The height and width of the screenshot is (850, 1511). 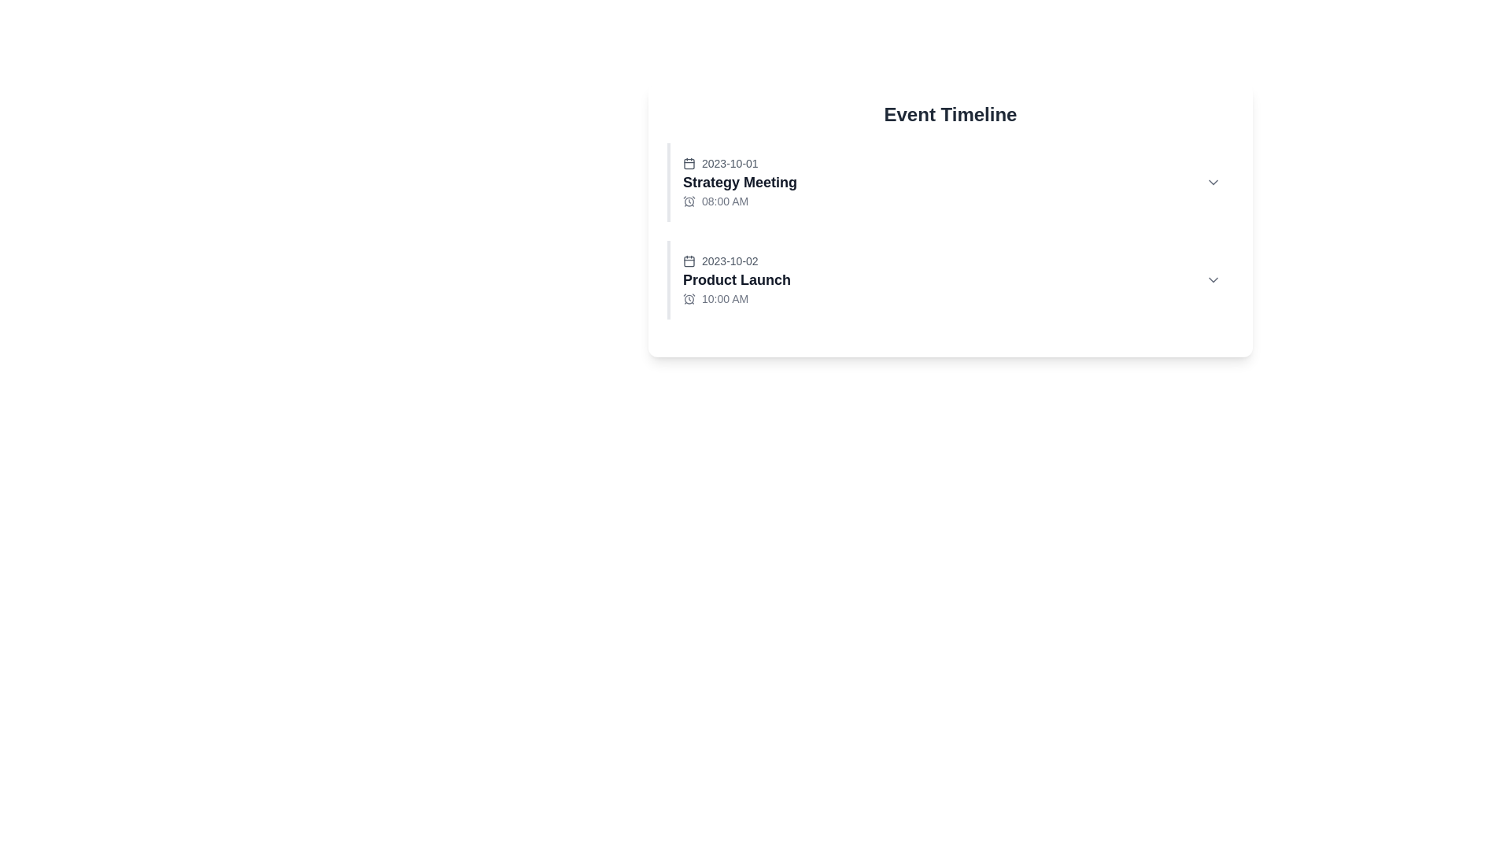 What do you see at coordinates (689, 164) in the screenshot?
I see `the small minimalist calendar icon that displays the date '2023-10-01' in the timeline view, which is left-aligned with the text in the same row` at bounding box center [689, 164].